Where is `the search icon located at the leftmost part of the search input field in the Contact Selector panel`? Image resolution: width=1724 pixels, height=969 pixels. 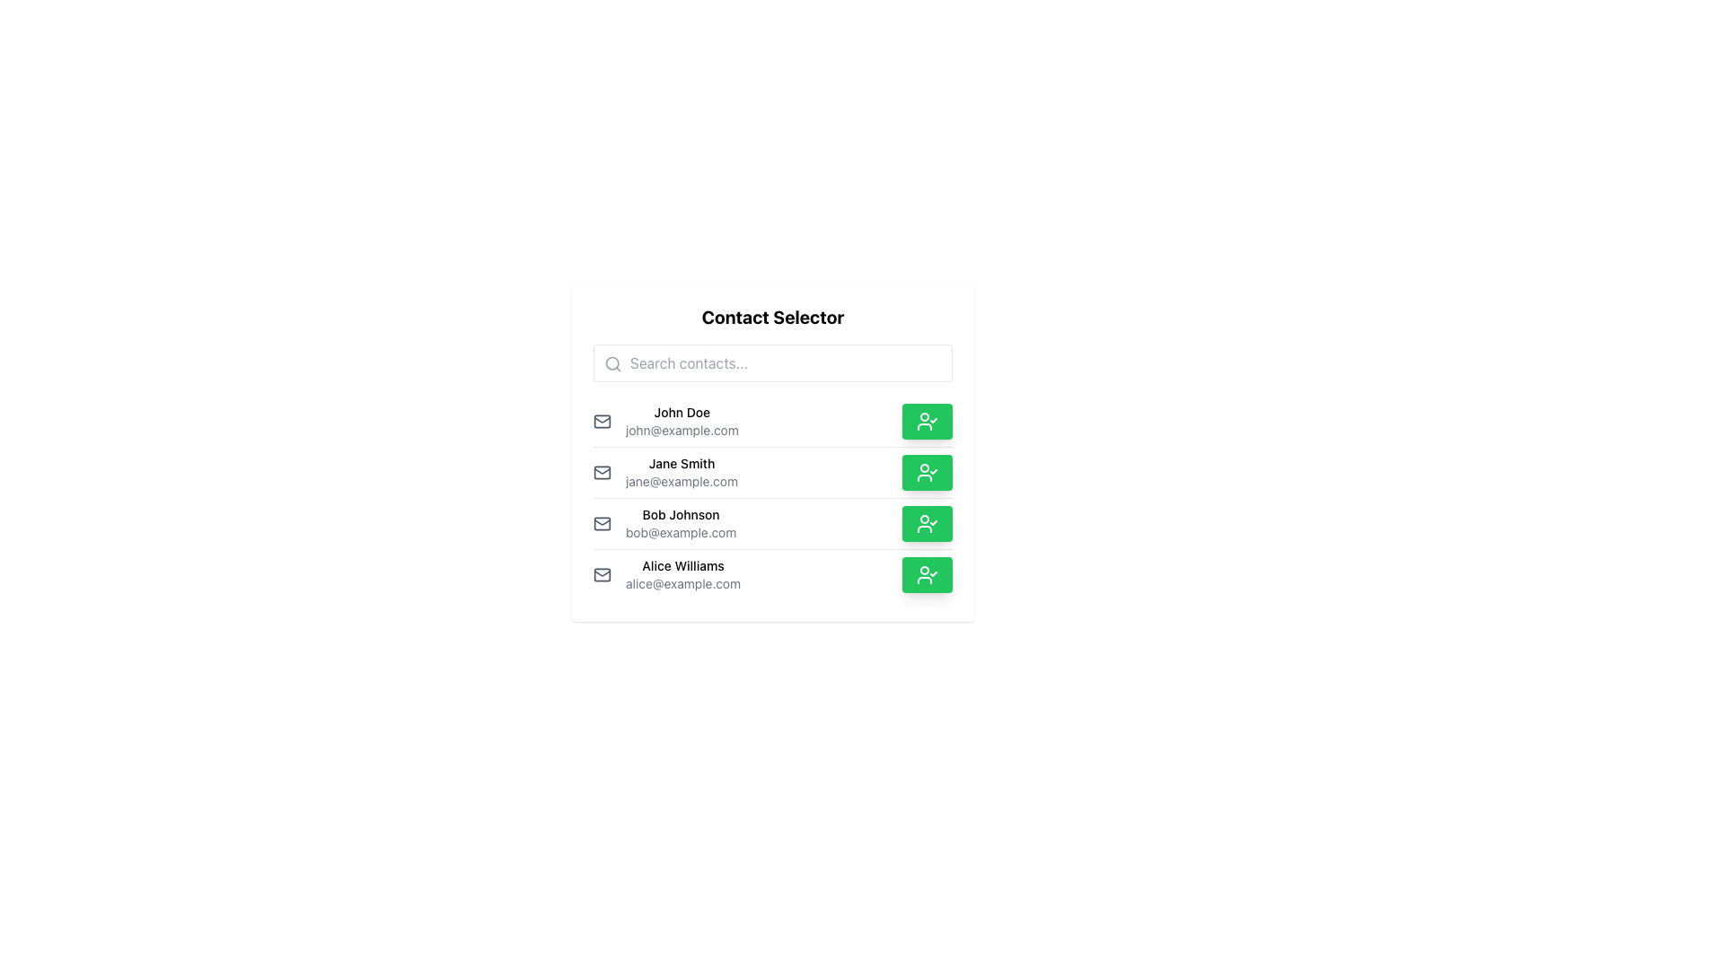 the search icon located at the leftmost part of the search input field in the Contact Selector panel is located at coordinates (612, 363).